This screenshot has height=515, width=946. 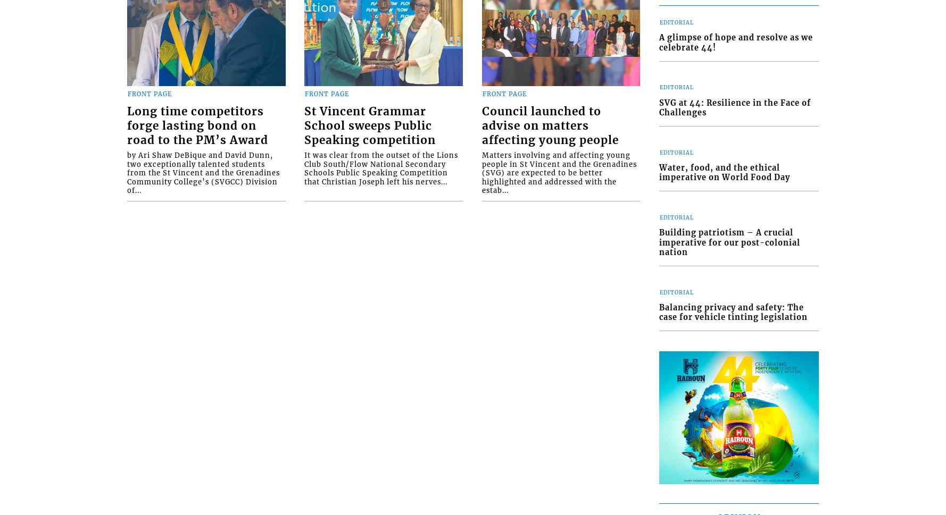 What do you see at coordinates (729, 242) in the screenshot?
I see `'Building patriotism – A crucial  imperative for our post-colonial nation'` at bounding box center [729, 242].